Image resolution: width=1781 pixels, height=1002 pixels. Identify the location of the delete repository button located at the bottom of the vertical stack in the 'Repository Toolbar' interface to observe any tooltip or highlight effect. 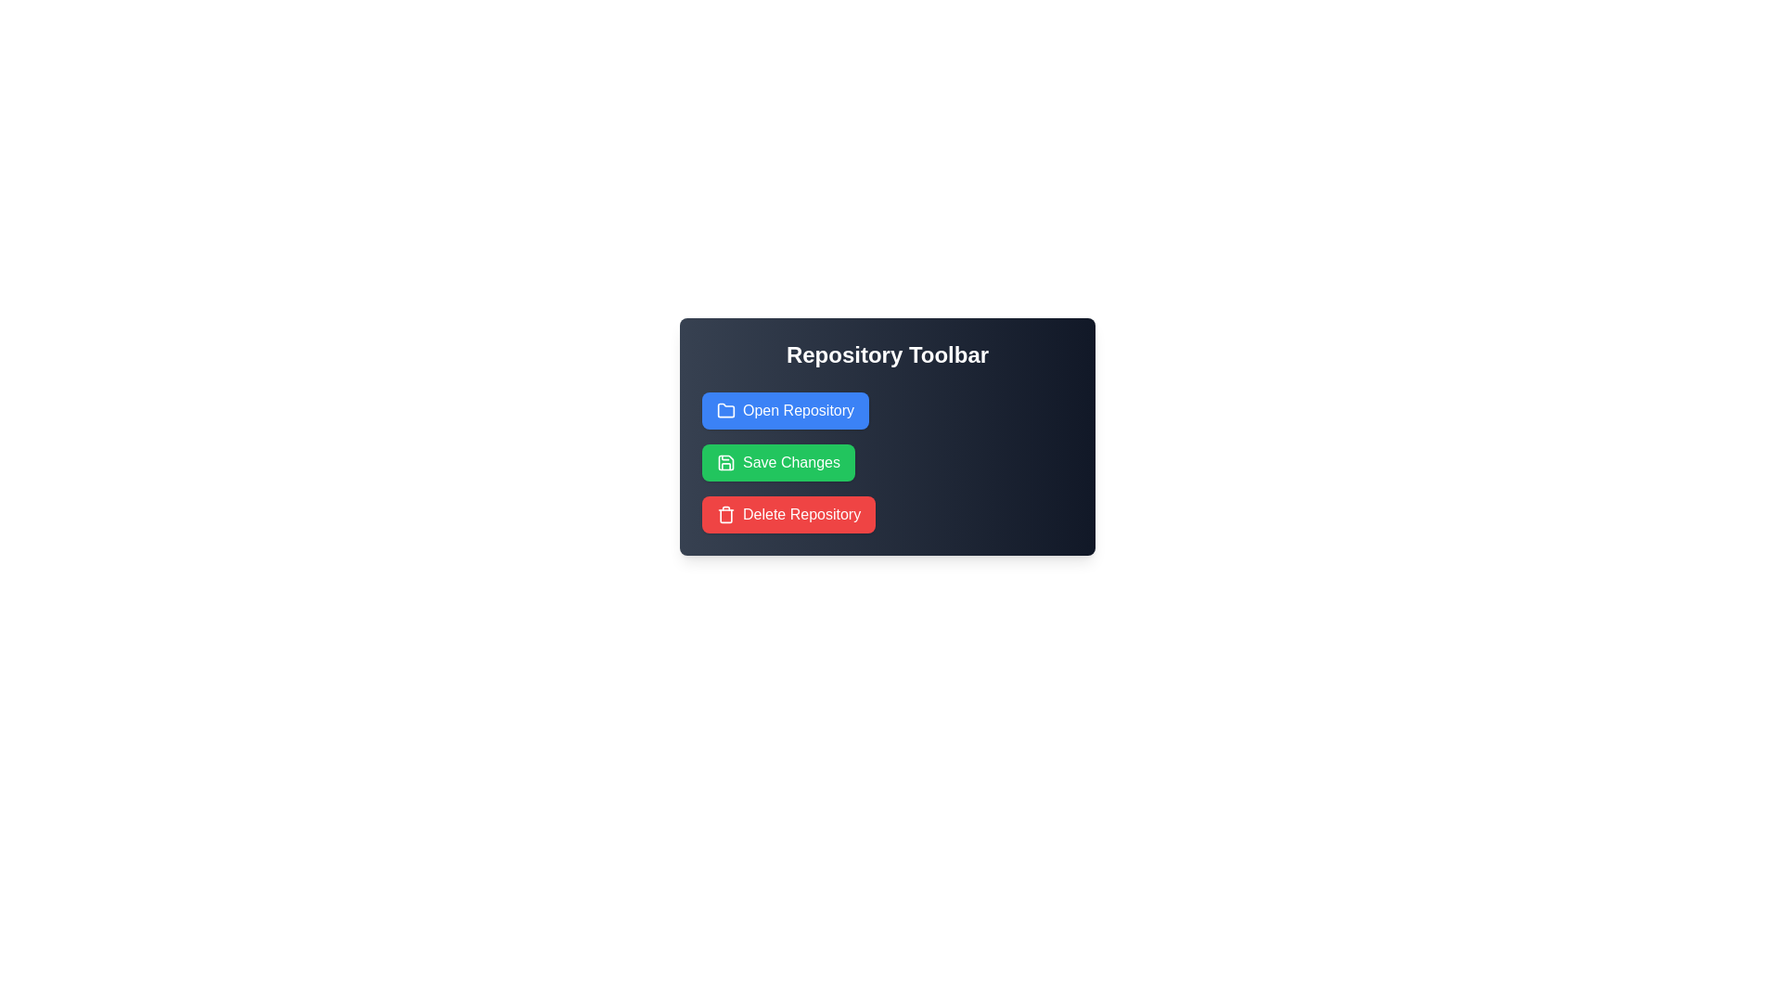
(801, 515).